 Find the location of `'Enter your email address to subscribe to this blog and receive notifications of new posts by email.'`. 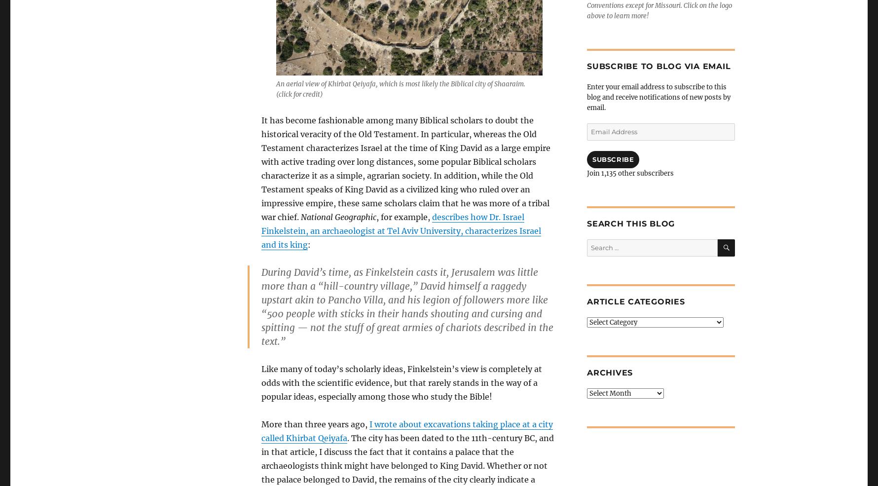

'Enter your email address to subscribe to this blog and receive notifications of new posts by email.' is located at coordinates (658, 97).